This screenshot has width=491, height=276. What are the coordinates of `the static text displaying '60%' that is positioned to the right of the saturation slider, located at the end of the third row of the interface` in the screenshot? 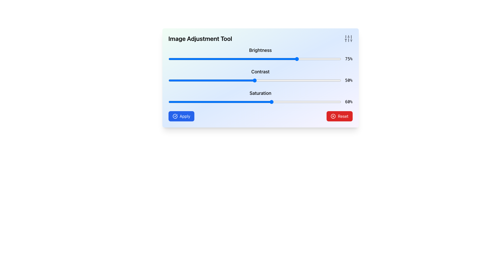 It's located at (348, 102).